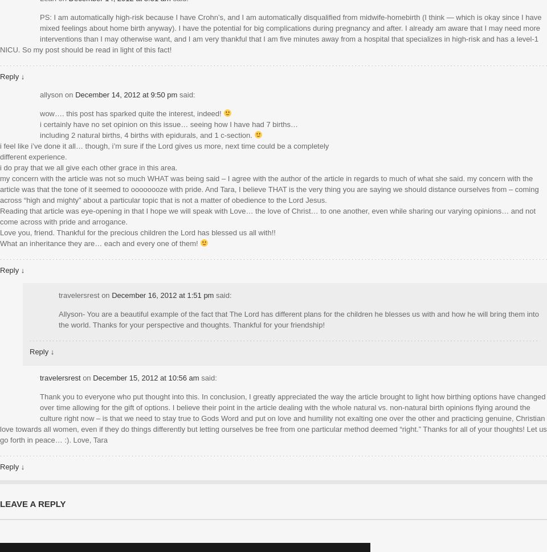  What do you see at coordinates (51, 93) in the screenshot?
I see `'allyson'` at bounding box center [51, 93].